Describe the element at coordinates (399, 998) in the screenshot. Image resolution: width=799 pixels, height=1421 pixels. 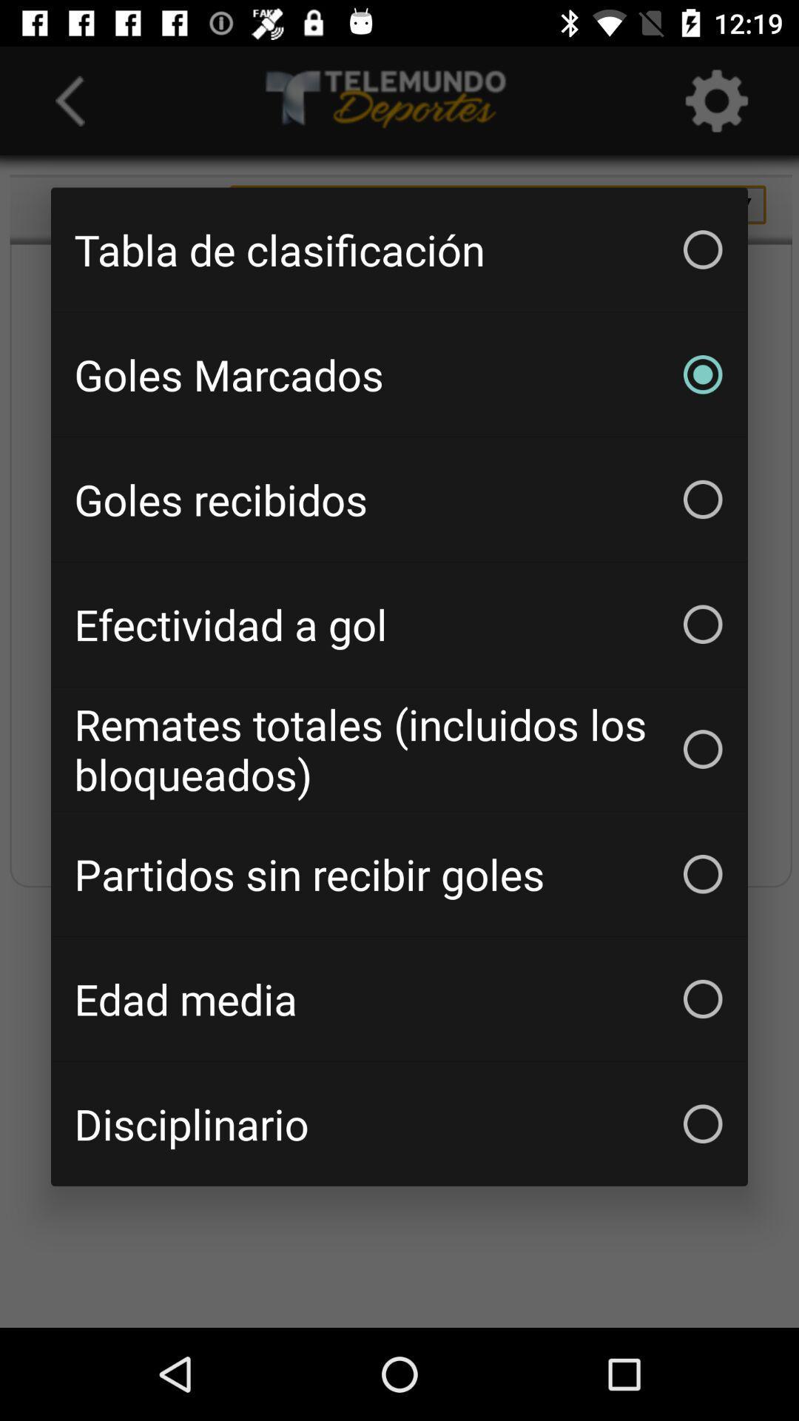
I see `the item above disciplinario icon` at that location.